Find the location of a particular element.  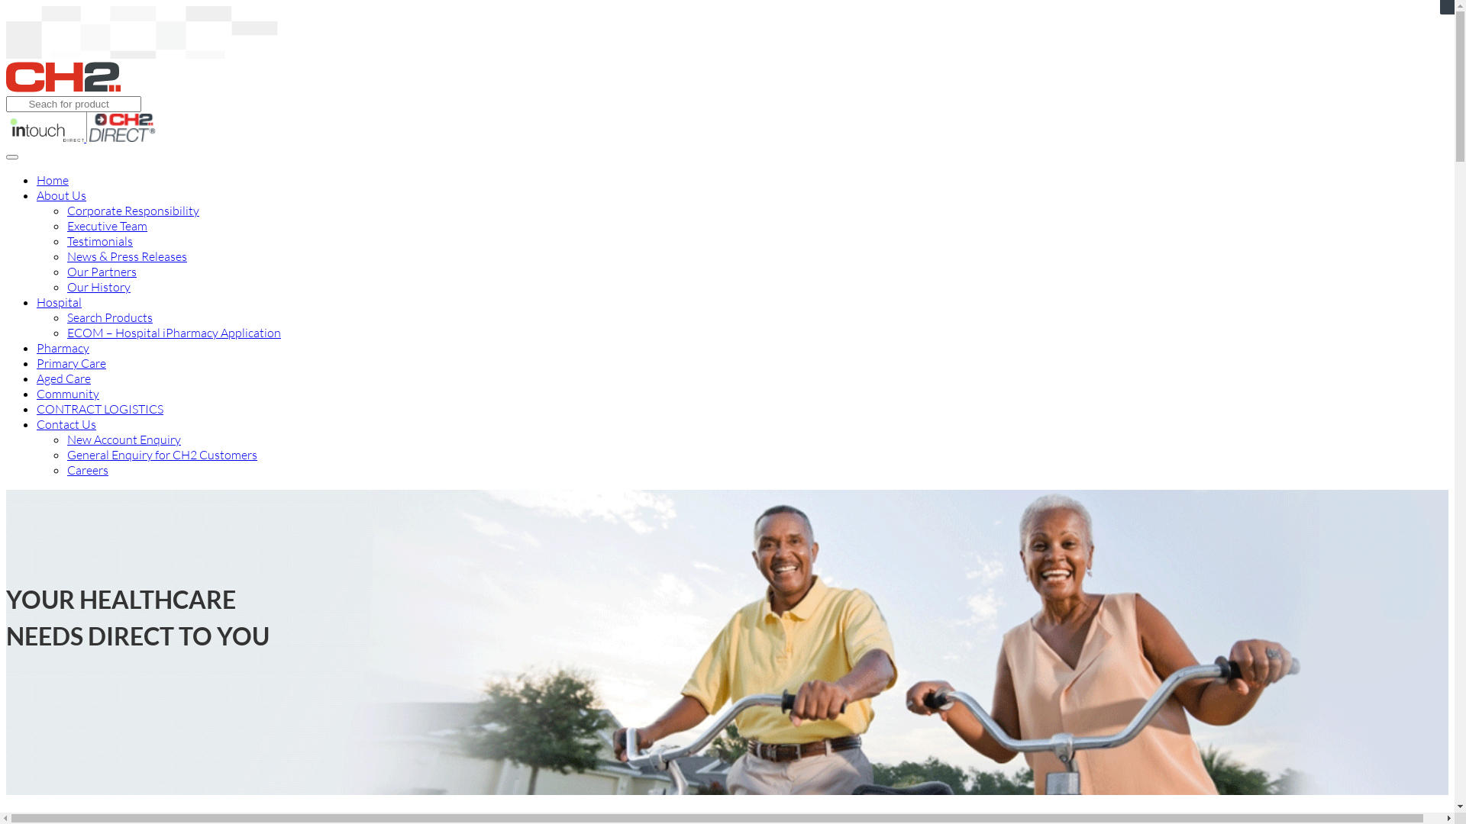

'New Account Enquiry' is located at coordinates (124, 439).